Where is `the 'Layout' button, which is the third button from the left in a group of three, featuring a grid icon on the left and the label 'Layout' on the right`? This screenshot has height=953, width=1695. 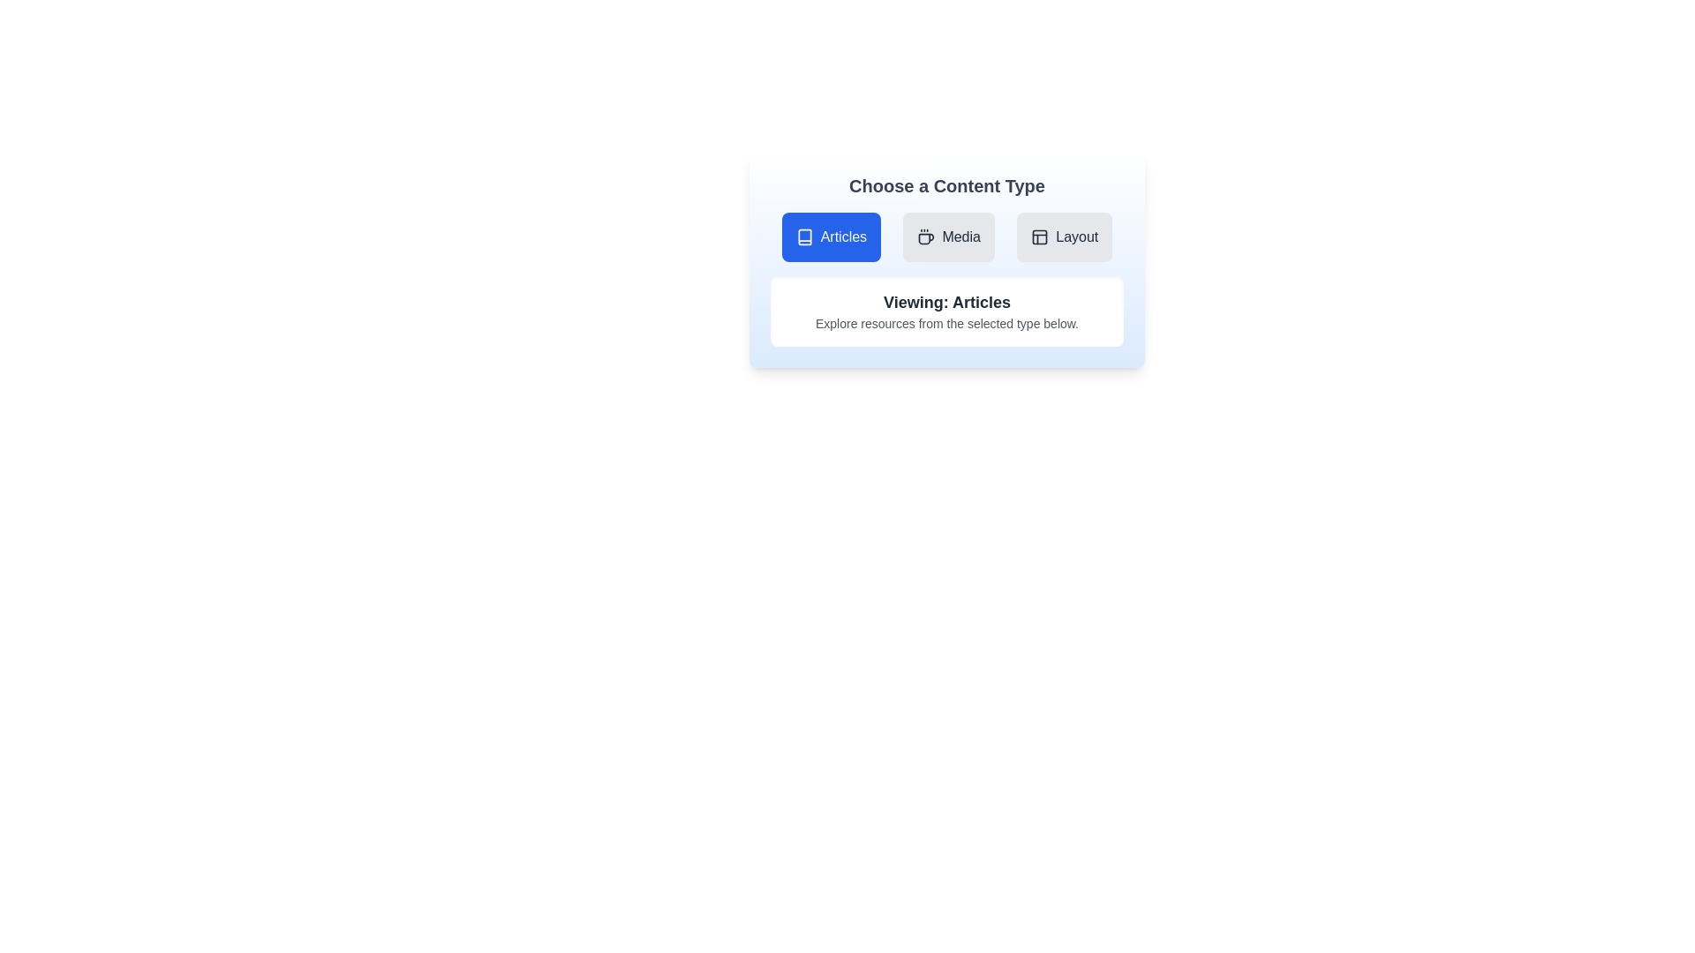
the 'Layout' button, which is the third button from the left in a group of three, featuring a grid icon on the left and the label 'Layout' on the right is located at coordinates (1064, 236).